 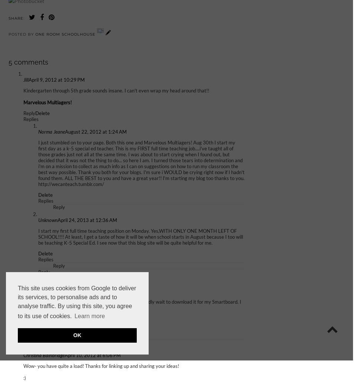 I want to click on 'Posted by', so click(x=8, y=33).